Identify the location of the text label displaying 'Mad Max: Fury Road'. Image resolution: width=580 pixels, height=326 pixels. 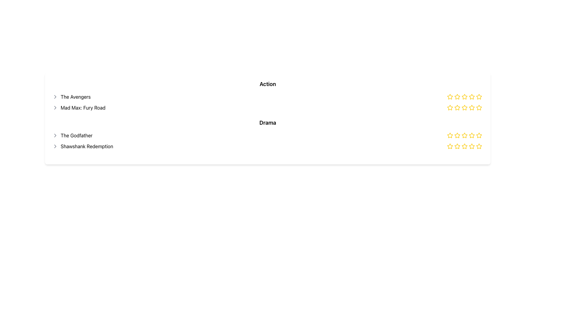
(79, 107).